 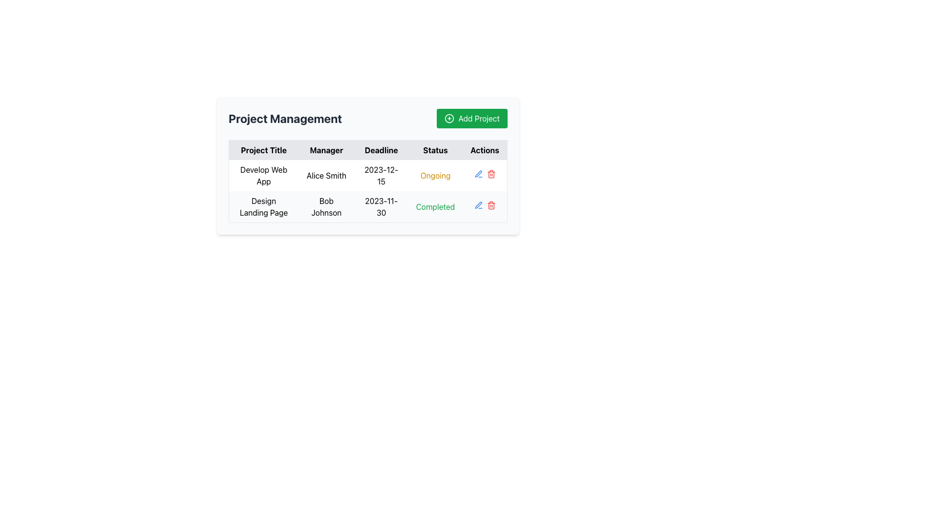 What do you see at coordinates (326, 150) in the screenshot?
I see `the 'Manager' text label, which is the second column header in the 'Project Management' table, positioned between 'Project Title' and 'Deadline'` at bounding box center [326, 150].